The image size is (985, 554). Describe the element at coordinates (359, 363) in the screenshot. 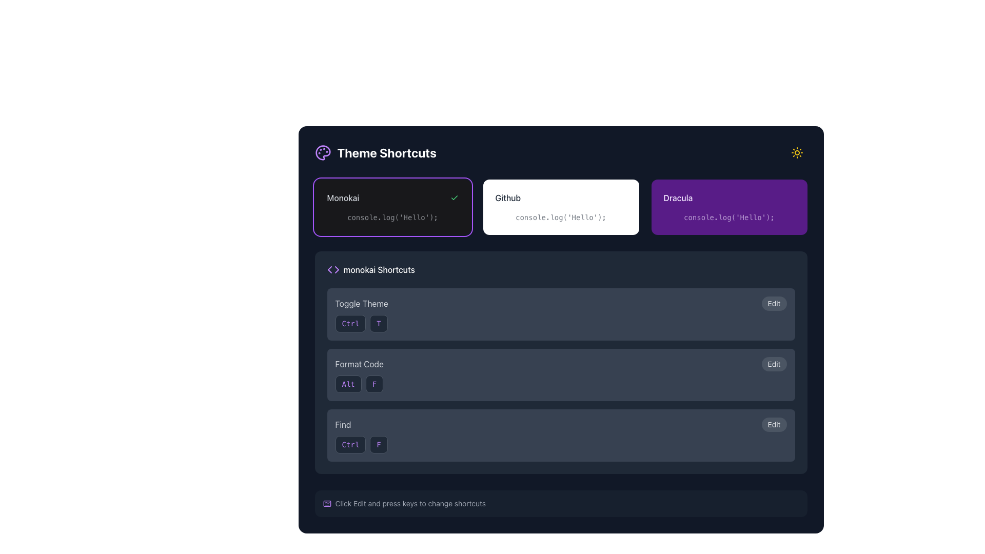

I see `the 'Format Code' text label, which is styled with a gray font on a dark background, located in the 'monokai Shortcuts' section as the second item in the list` at that location.